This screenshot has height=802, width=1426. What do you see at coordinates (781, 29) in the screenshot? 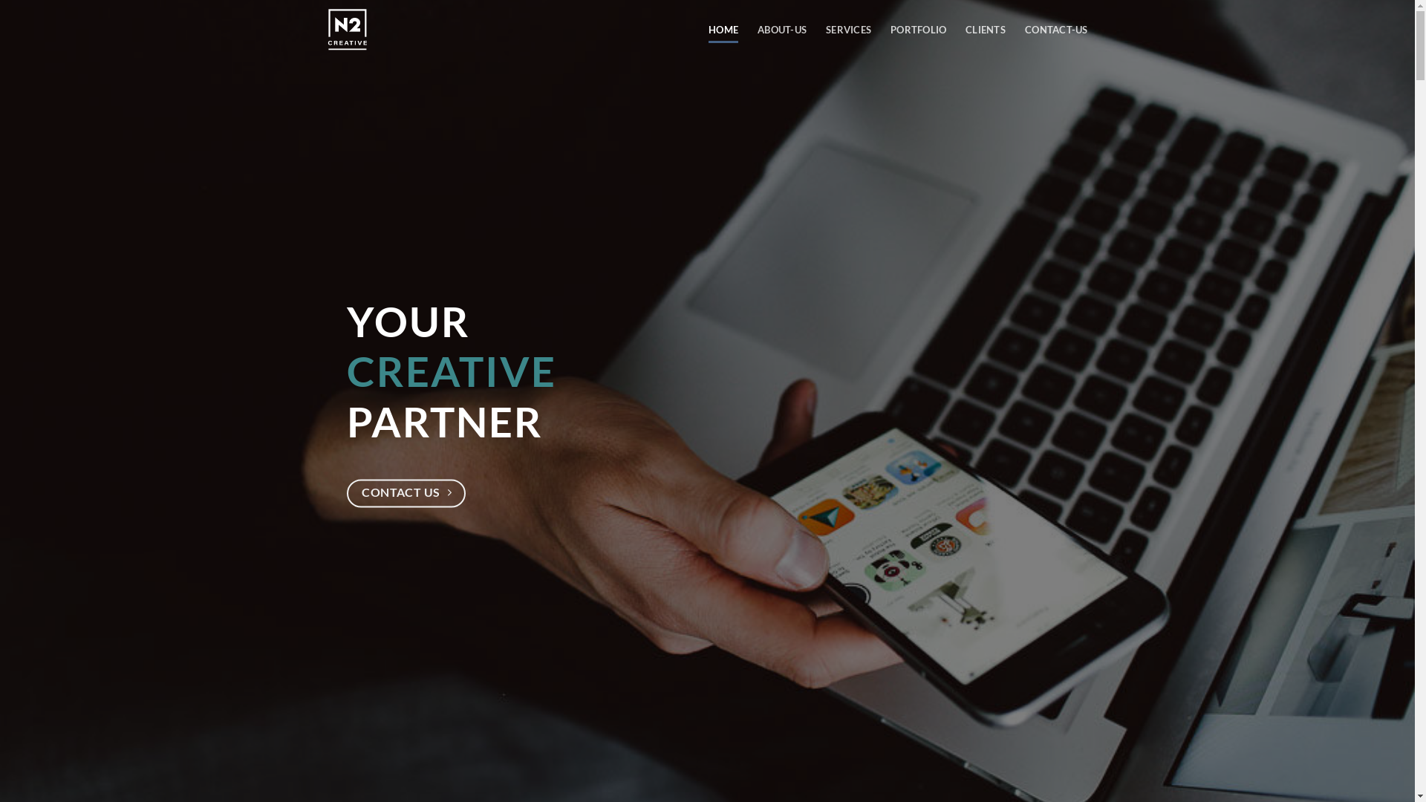
I see `'ABOUT-US'` at bounding box center [781, 29].